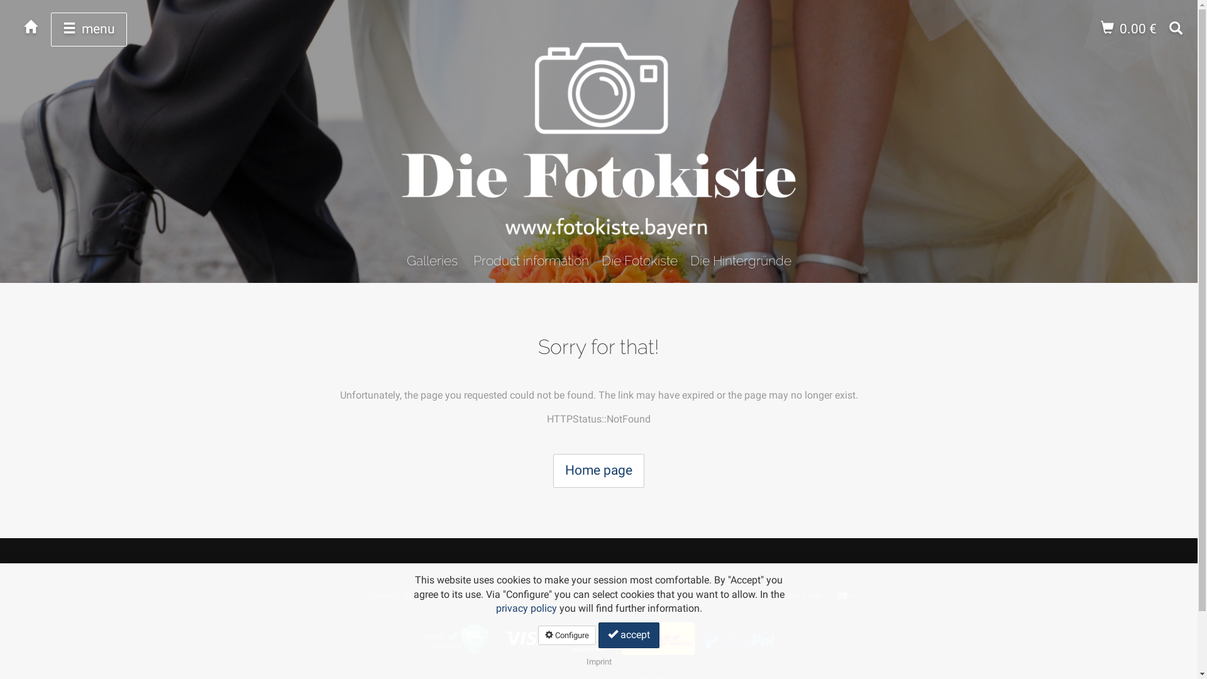 This screenshot has width=1207, height=679. What do you see at coordinates (629, 635) in the screenshot?
I see `'accept'` at bounding box center [629, 635].